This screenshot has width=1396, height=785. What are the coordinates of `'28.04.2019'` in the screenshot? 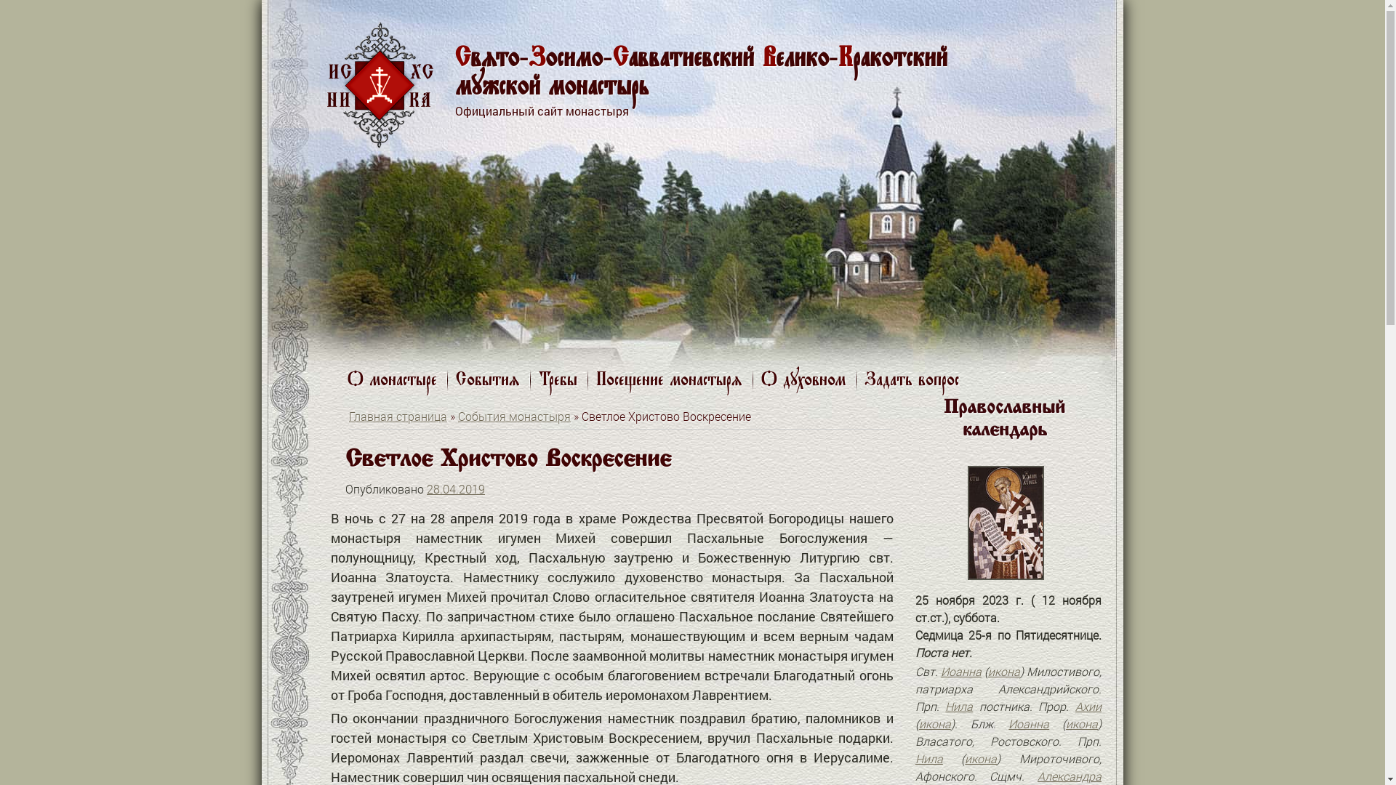 It's located at (455, 488).